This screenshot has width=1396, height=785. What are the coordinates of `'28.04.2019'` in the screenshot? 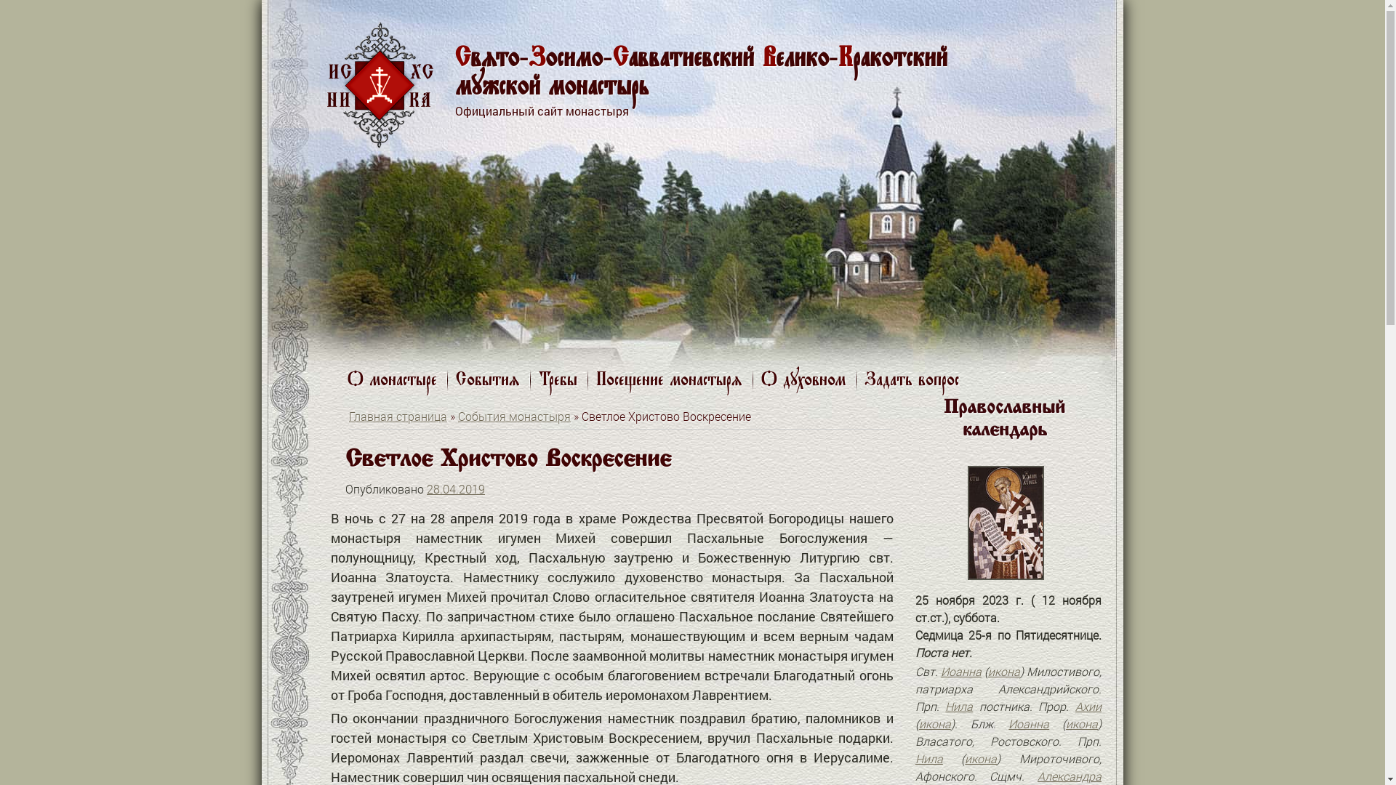 It's located at (455, 488).